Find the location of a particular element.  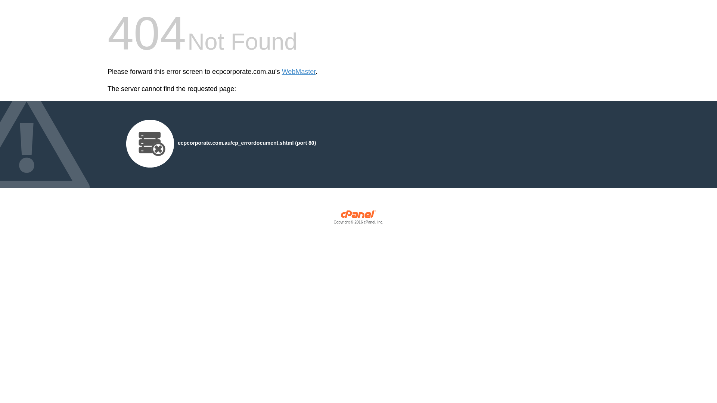

'WebMaster' is located at coordinates (299, 72).